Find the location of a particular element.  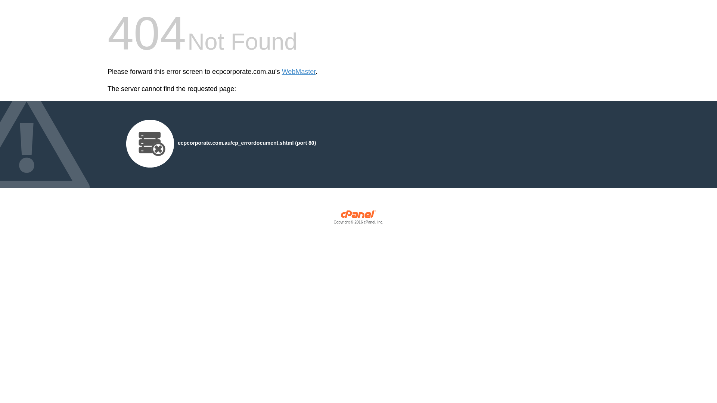

'WebMaster' is located at coordinates (299, 72).